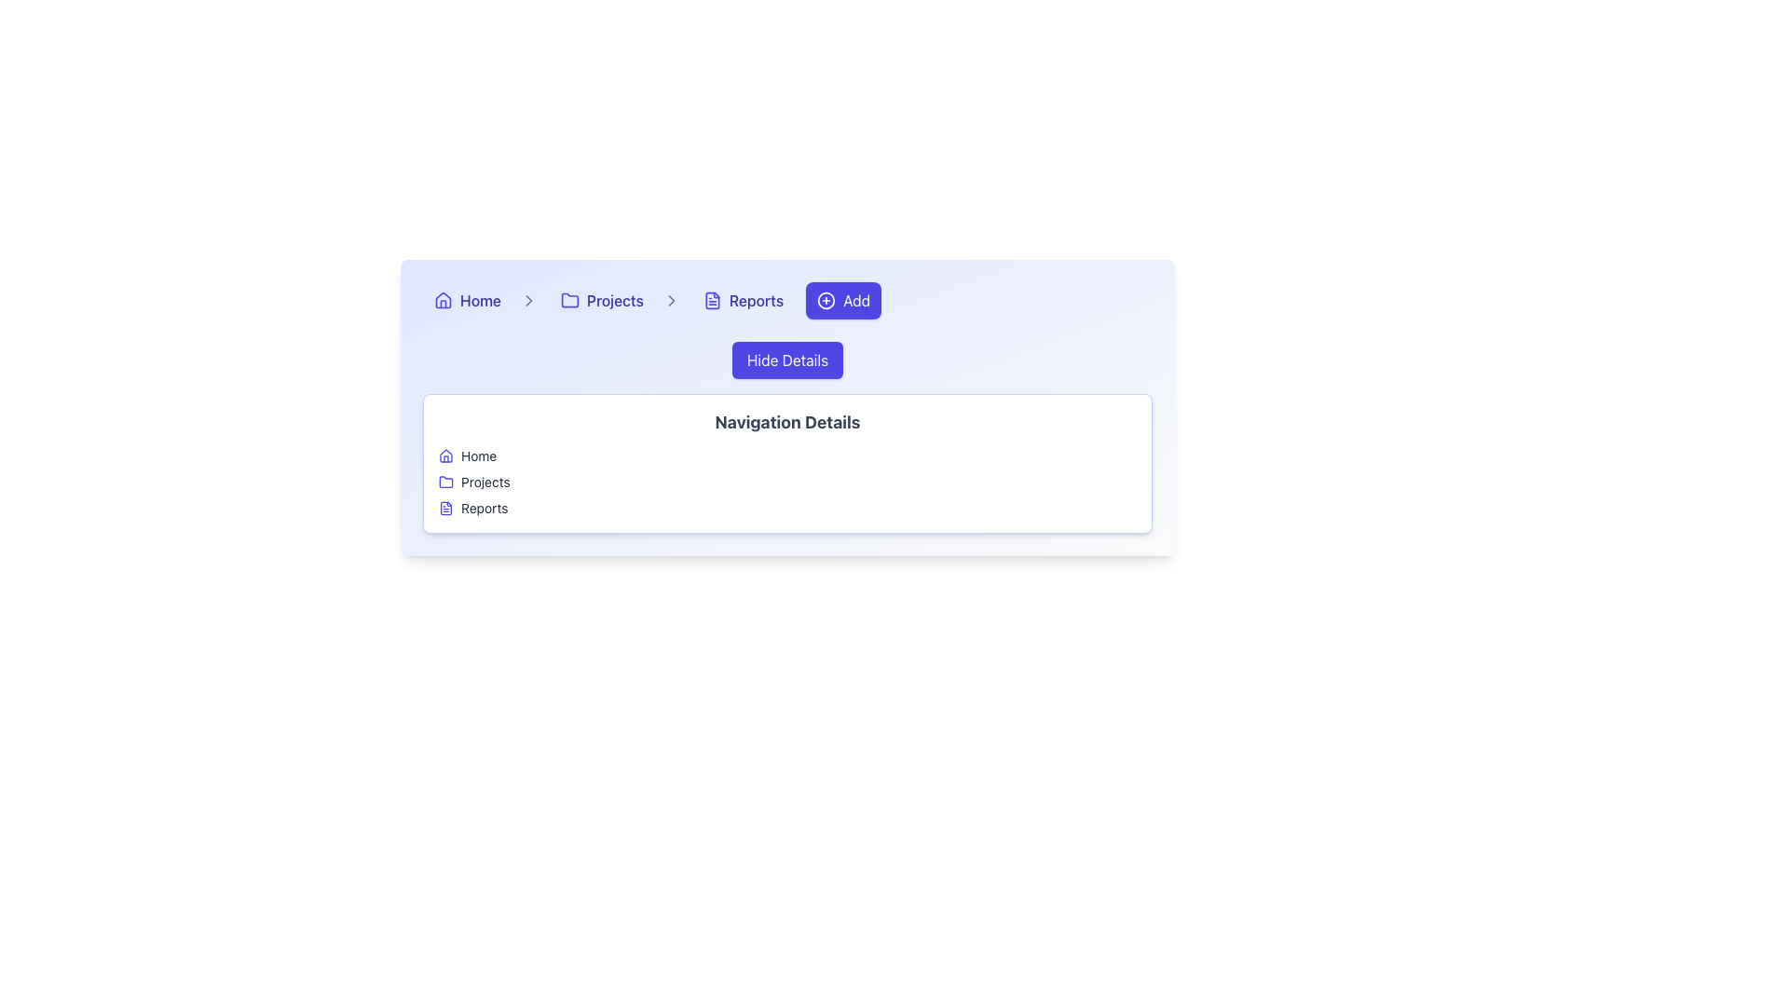 This screenshot has height=1006, width=1789. What do you see at coordinates (826, 300) in the screenshot?
I see `the circular icon that is part of the 'plus inside a circle' graphic, which is positioned to the right of the breadcrumb navigation and next to the 'Add' button` at bounding box center [826, 300].